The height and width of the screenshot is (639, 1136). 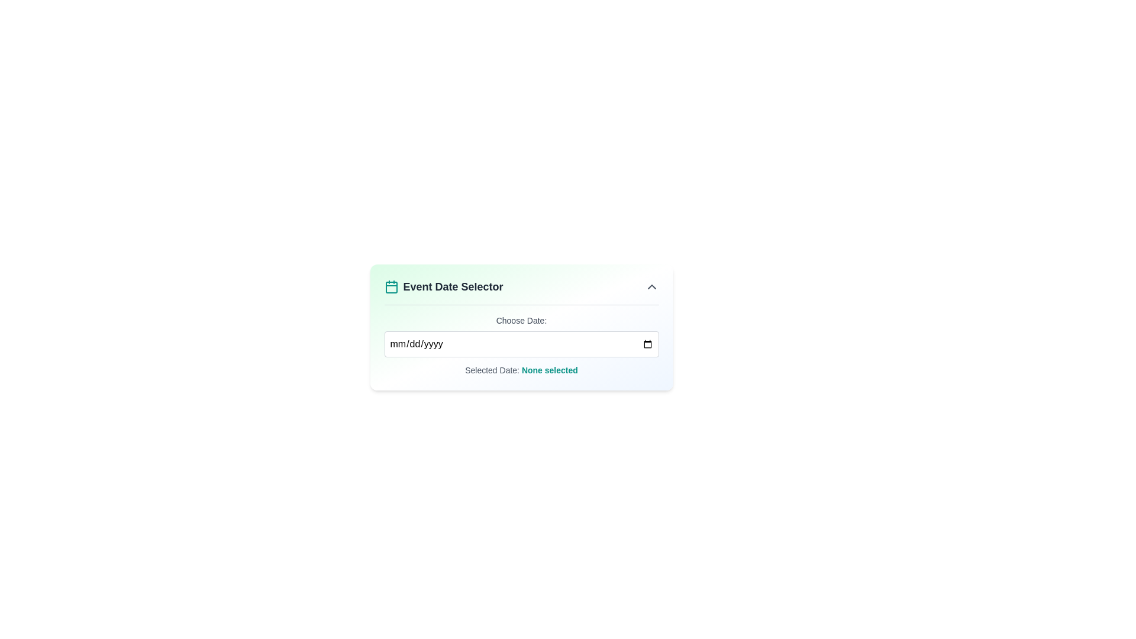 I want to click on the chevron-up icon styled in dark gray located on the far right of the 'Event Date Selector' component for visual feedback, so click(x=651, y=287).